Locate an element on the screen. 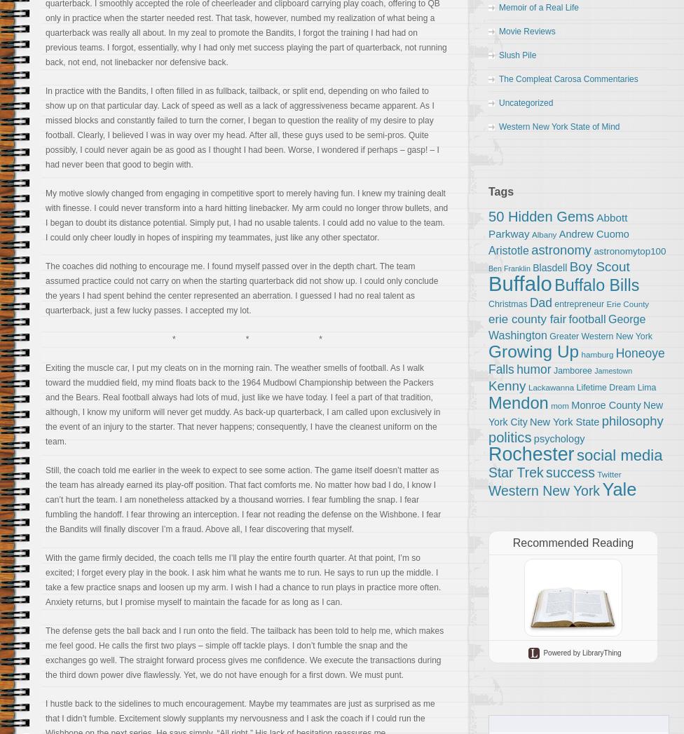 Image resolution: width=684 pixels, height=734 pixels. 'Tags' is located at coordinates (500, 191).